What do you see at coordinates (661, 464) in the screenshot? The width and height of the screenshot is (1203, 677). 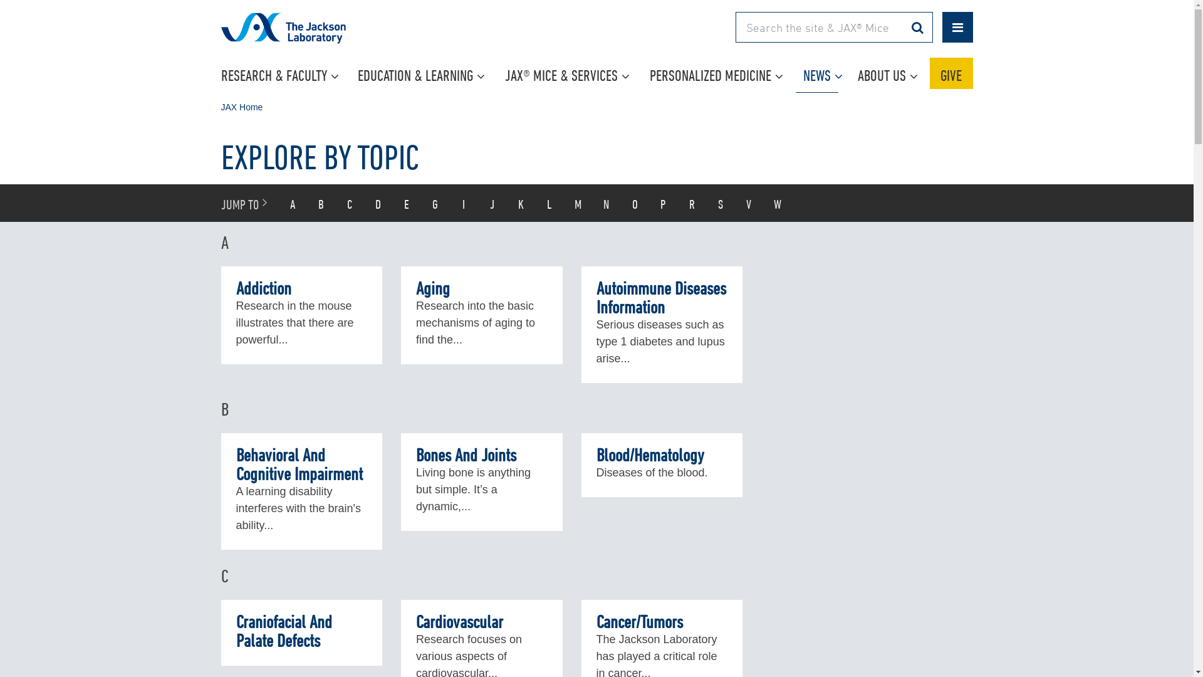 I see `'Blood/Hematology` at bounding box center [661, 464].